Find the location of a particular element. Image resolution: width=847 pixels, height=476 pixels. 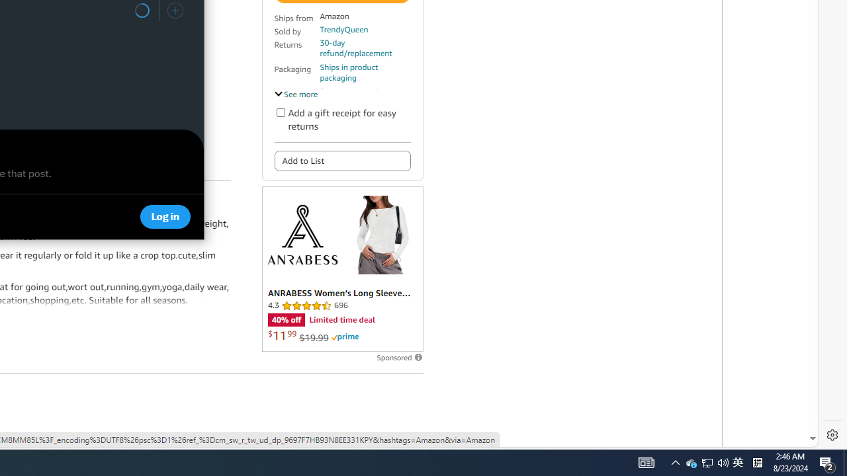

'AutomationID: 4105' is located at coordinates (646, 461).